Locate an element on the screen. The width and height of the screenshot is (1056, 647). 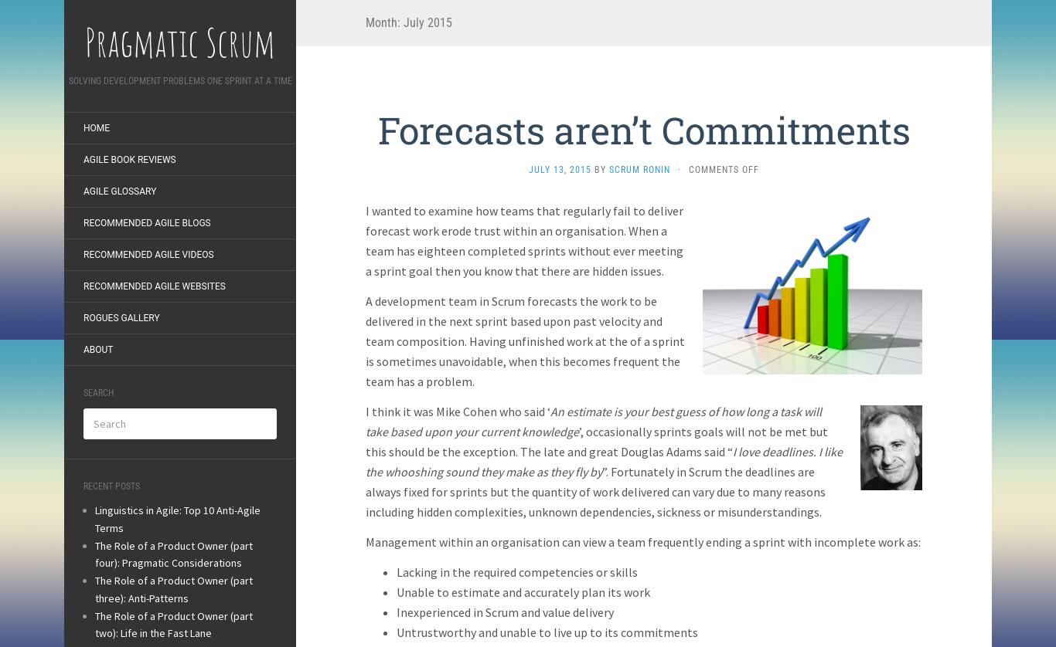
'Recommended Agile Blogs' is located at coordinates (146, 222).